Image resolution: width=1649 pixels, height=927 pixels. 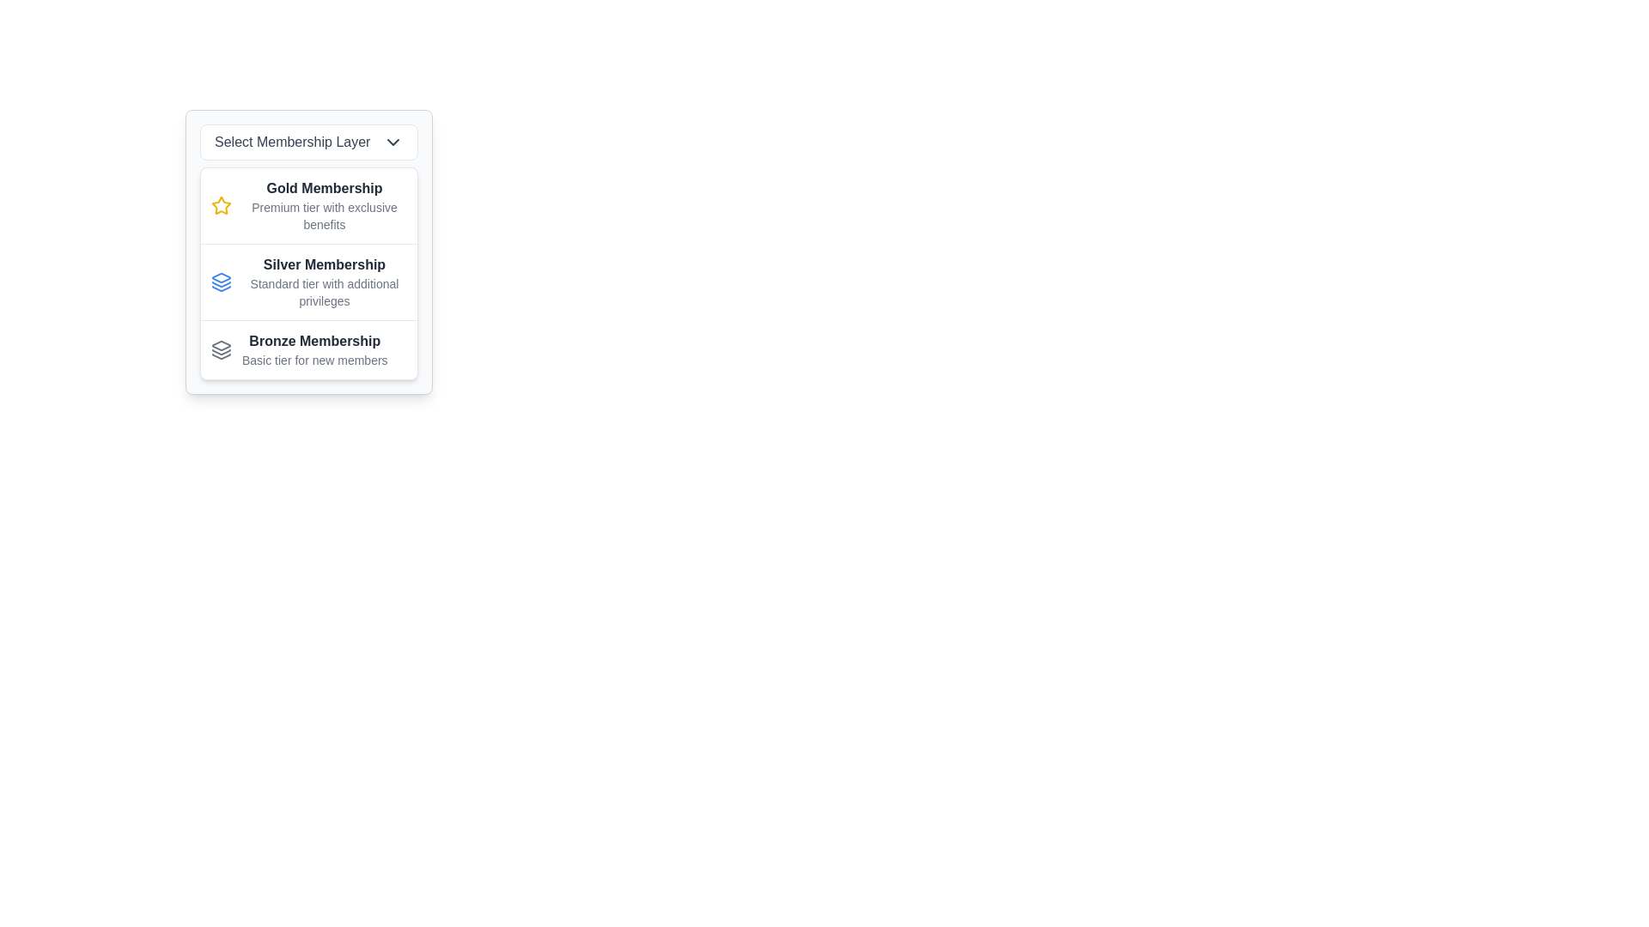 What do you see at coordinates (221, 204) in the screenshot?
I see `the membership tier represented` at bounding box center [221, 204].